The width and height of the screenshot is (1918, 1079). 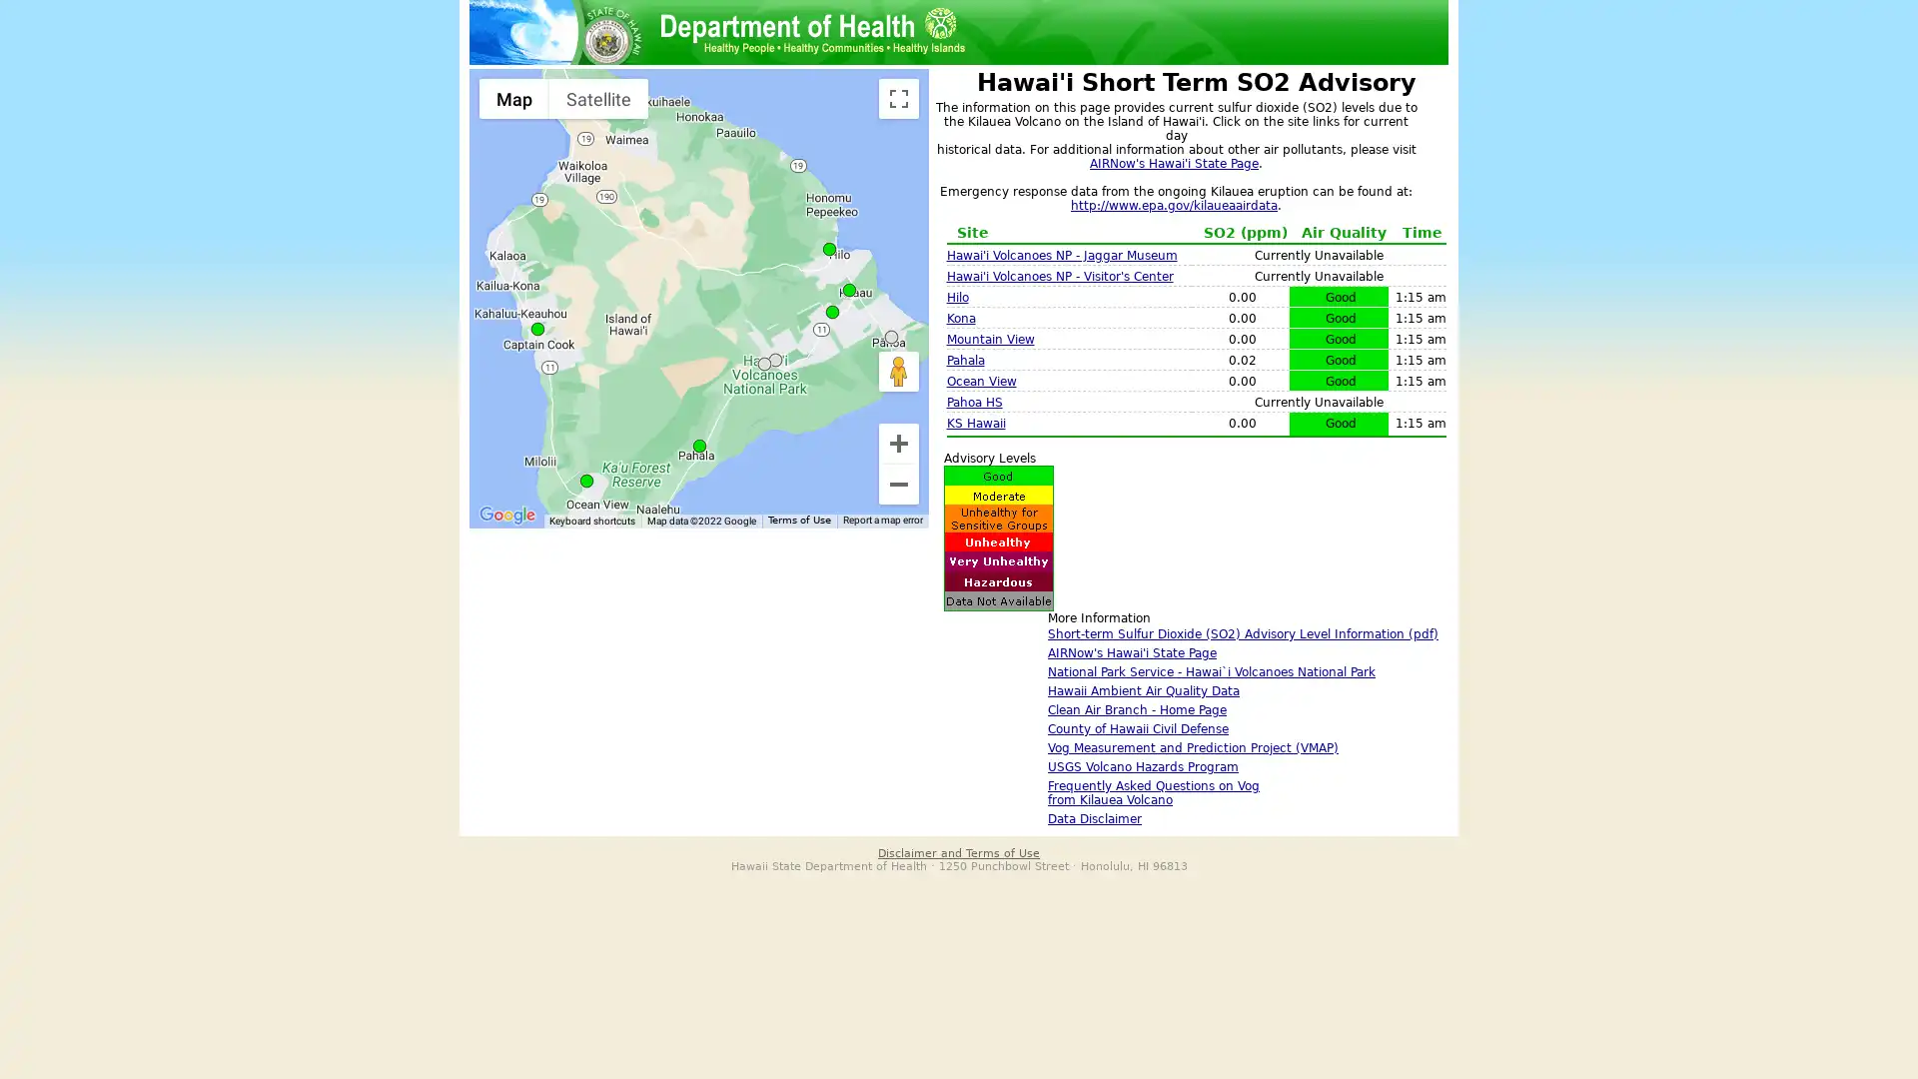 I want to click on Hawaii Volcanoes NP - Visitor's Center: No Data, so click(x=774, y=360).